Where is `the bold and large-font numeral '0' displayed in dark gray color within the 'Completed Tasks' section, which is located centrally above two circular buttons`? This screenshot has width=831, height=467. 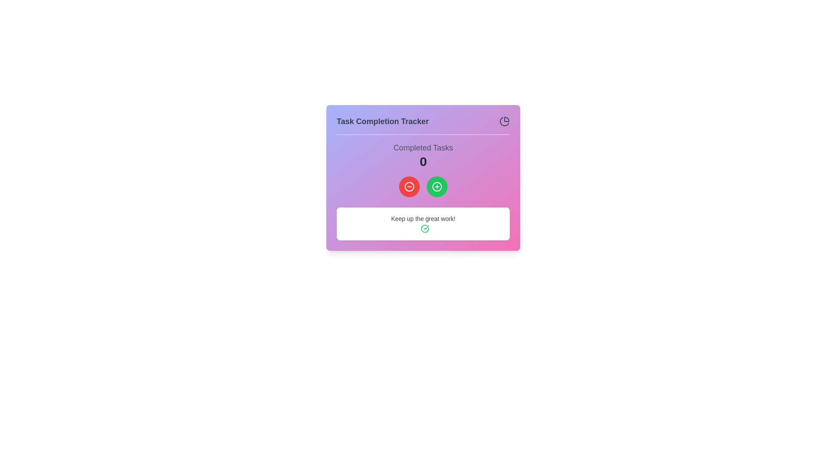
the bold and large-font numeral '0' displayed in dark gray color within the 'Completed Tasks' section, which is located centrally above two circular buttons is located at coordinates (423, 162).